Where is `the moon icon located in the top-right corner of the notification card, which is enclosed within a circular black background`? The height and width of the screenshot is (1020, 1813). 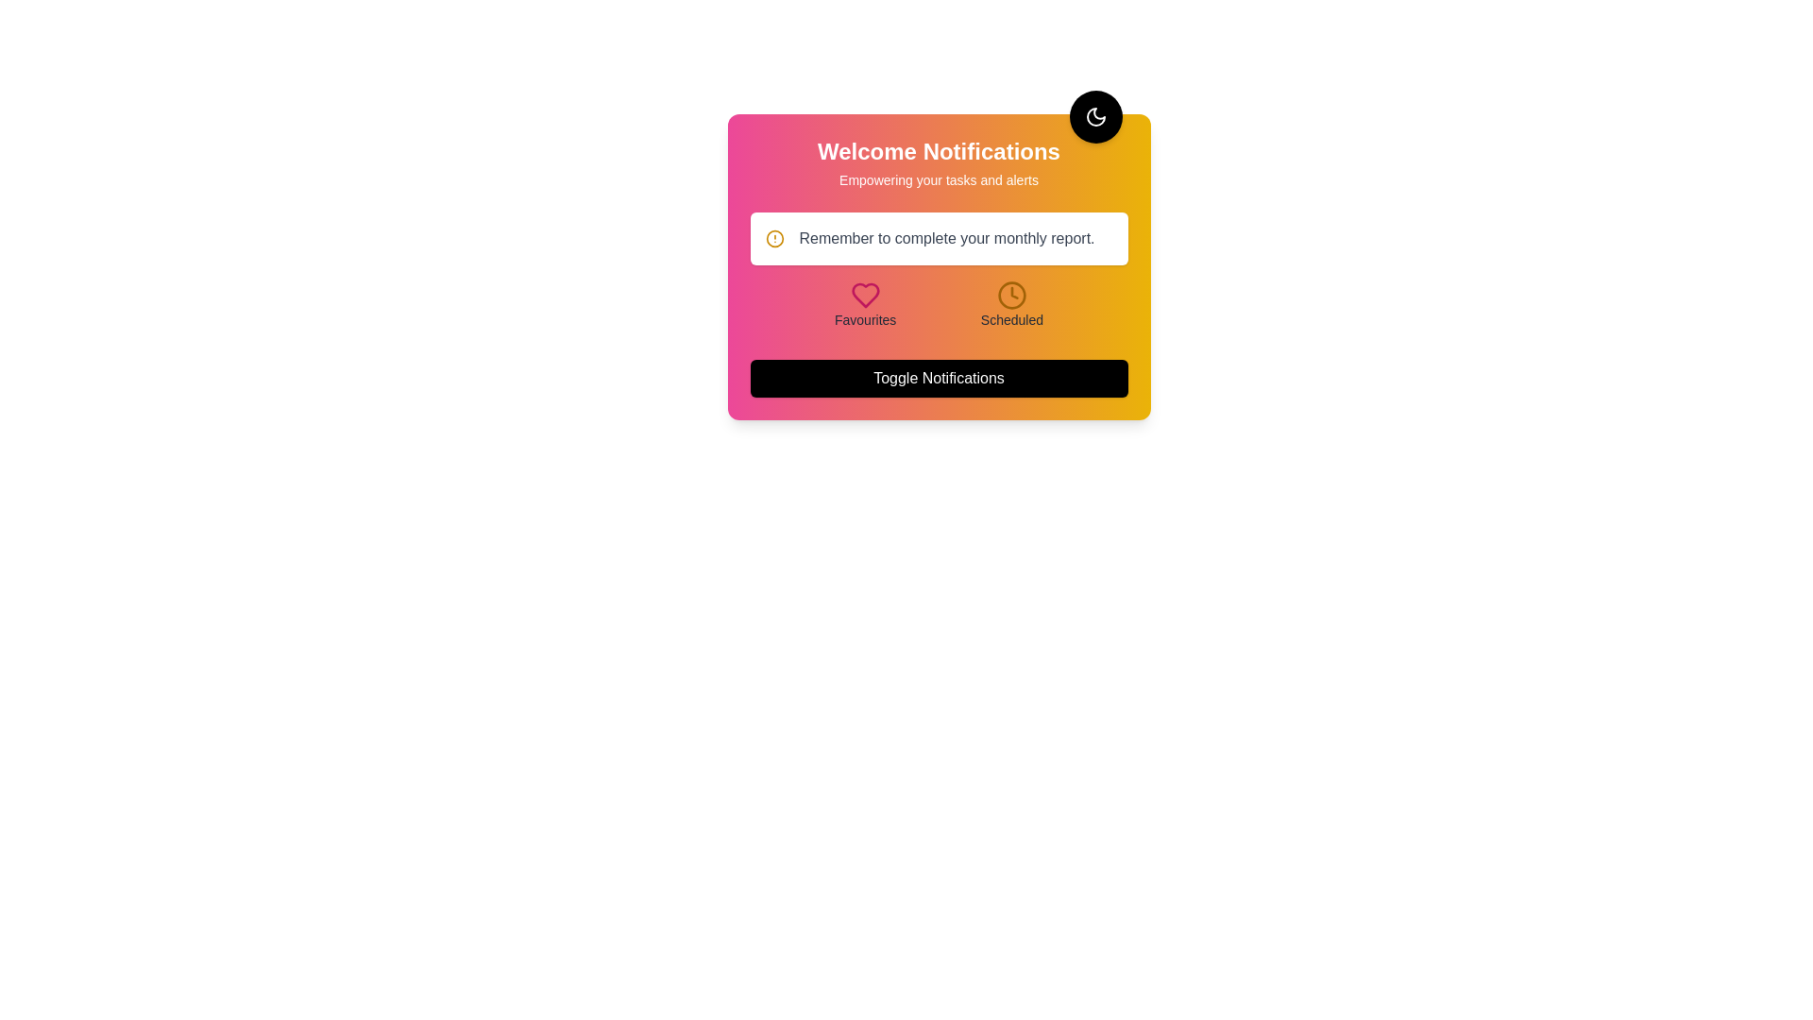
the moon icon located in the top-right corner of the notification card, which is enclosed within a circular black background is located at coordinates (1095, 116).